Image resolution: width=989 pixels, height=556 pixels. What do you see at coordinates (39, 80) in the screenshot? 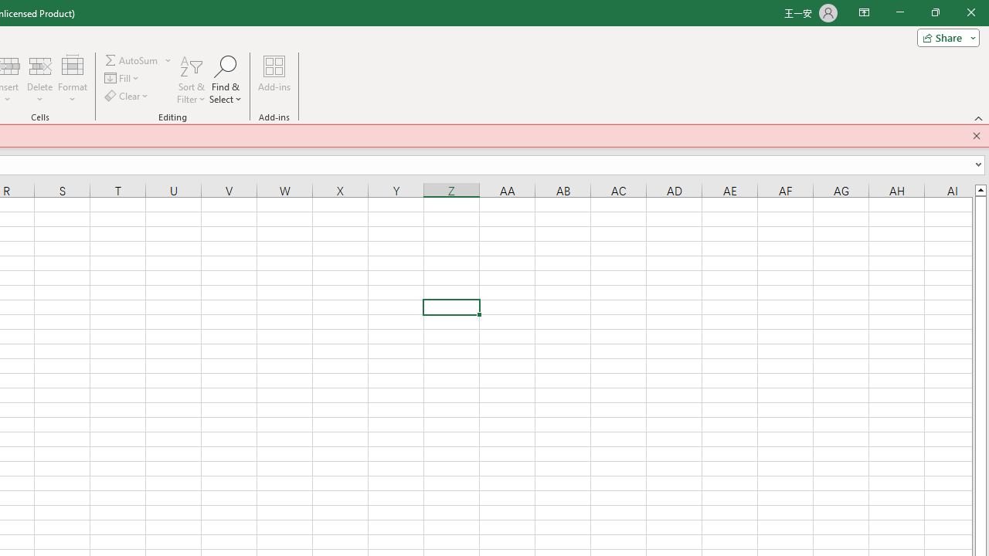
I see `'Delete'` at bounding box center [39, 80].